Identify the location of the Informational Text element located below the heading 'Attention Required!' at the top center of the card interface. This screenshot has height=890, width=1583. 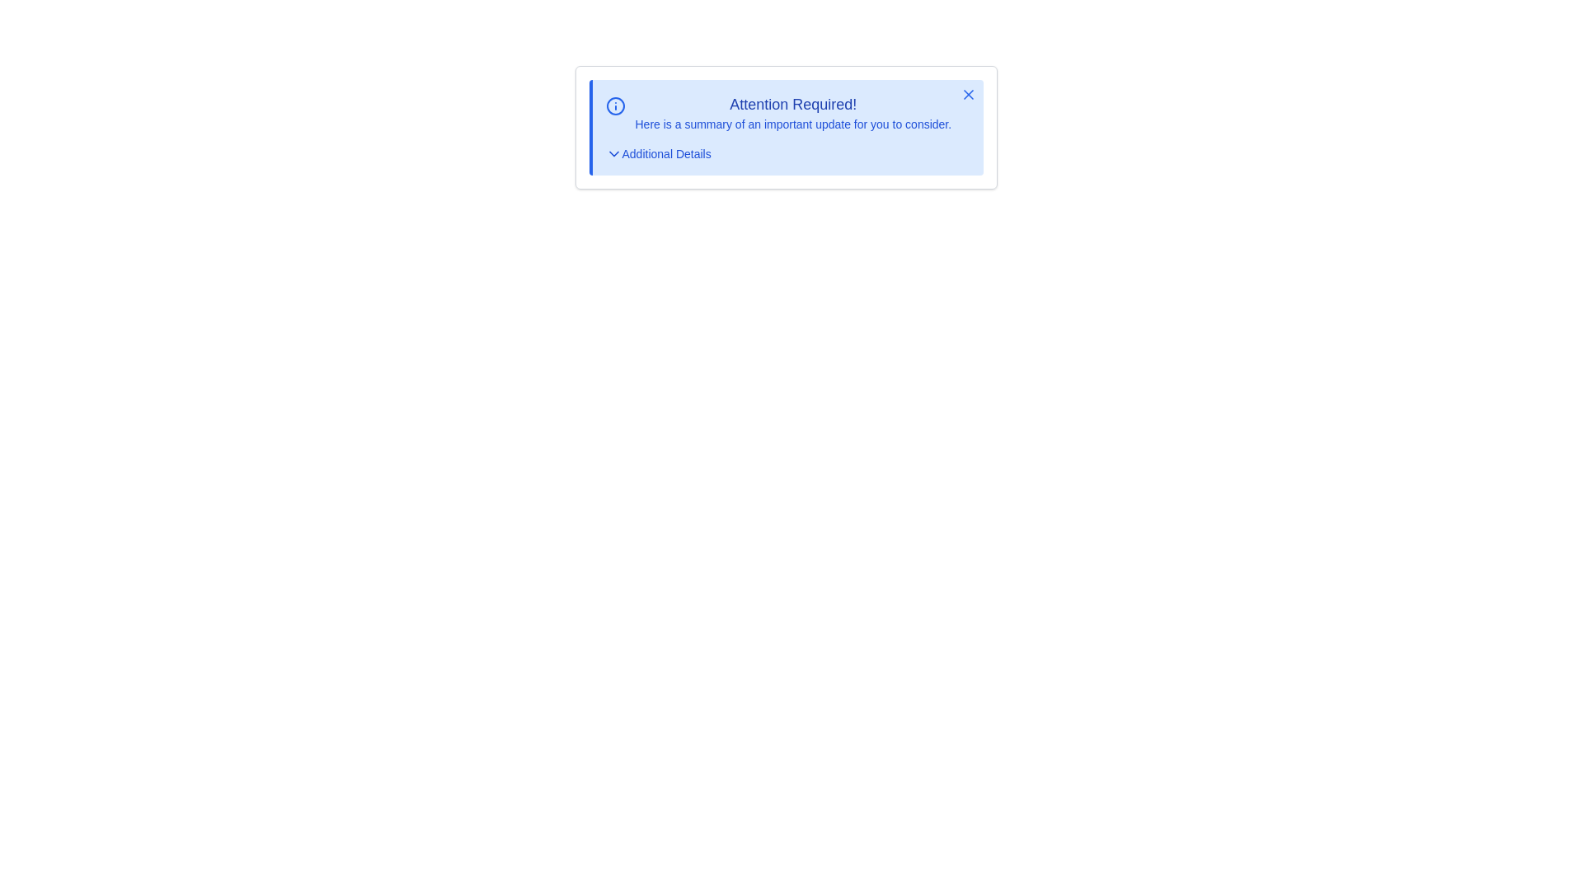
(793, 123).